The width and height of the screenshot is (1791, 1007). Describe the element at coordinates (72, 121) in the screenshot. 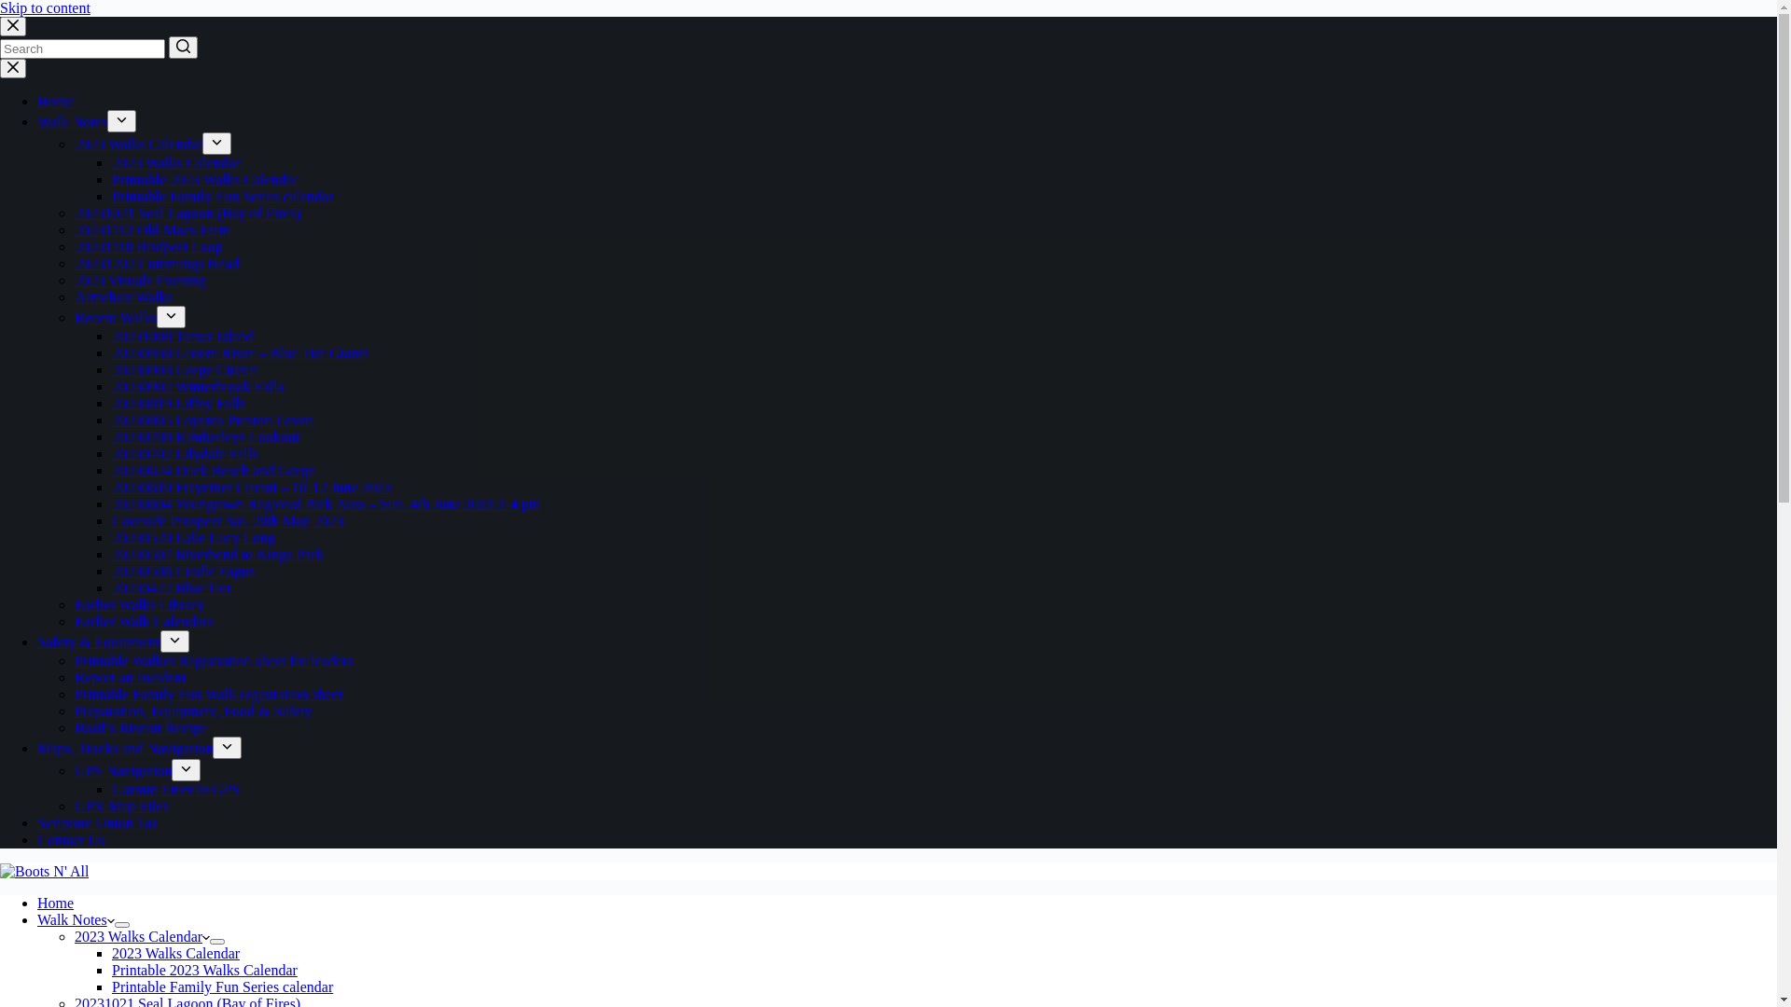

I see `'Walk Notes'` at that location.